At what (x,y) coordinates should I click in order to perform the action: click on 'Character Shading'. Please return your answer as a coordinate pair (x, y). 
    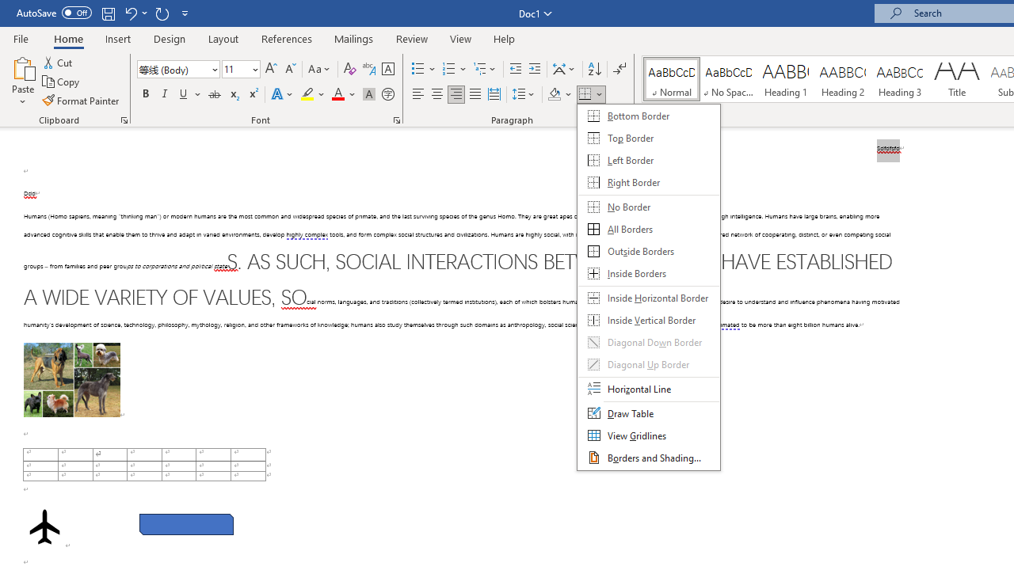
    Looking at the image, I should click on (368, 94).